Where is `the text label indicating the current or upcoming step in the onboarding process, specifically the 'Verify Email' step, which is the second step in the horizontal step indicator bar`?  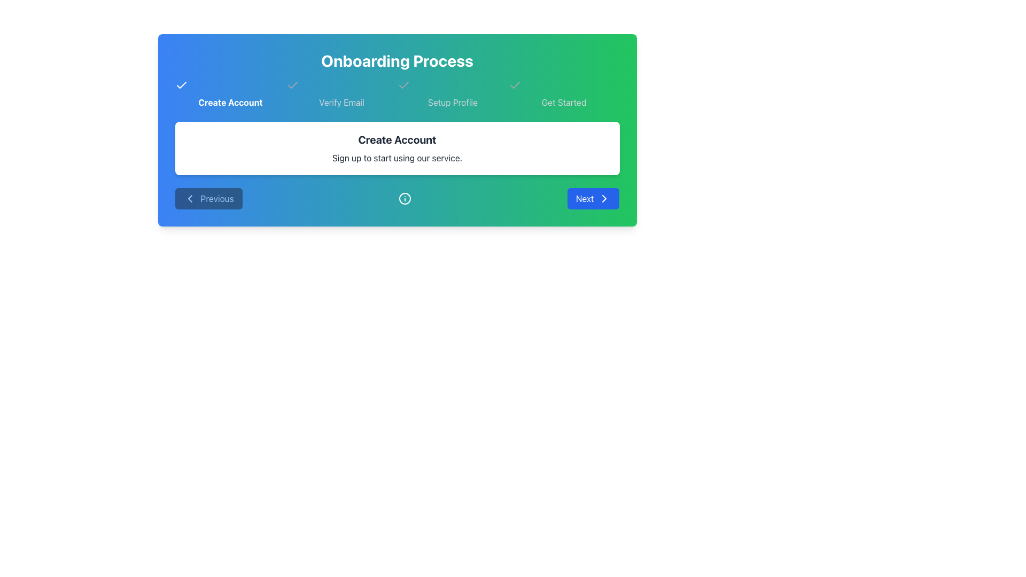
the text label indicating the current or upcoming step in the onboarding process, specifically the 'Verify Email' step, which is the second step in the horizontal step indicator bar is located at coordinates (341, 103).